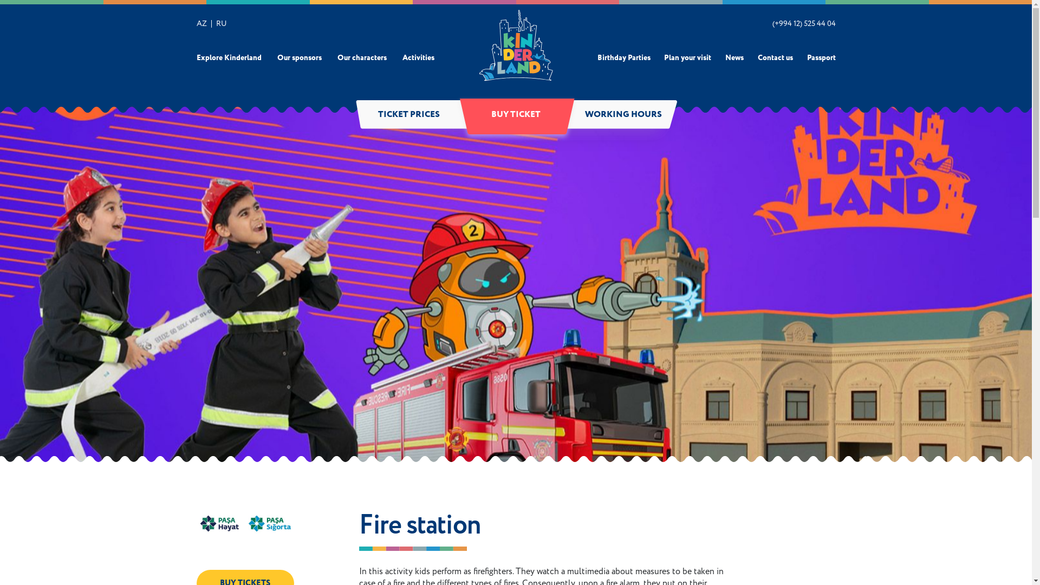  What do you see at coordinates (408, 115) in the screenshot?
I see `'TICKET PRICES'` at bounding box center [408, 115].